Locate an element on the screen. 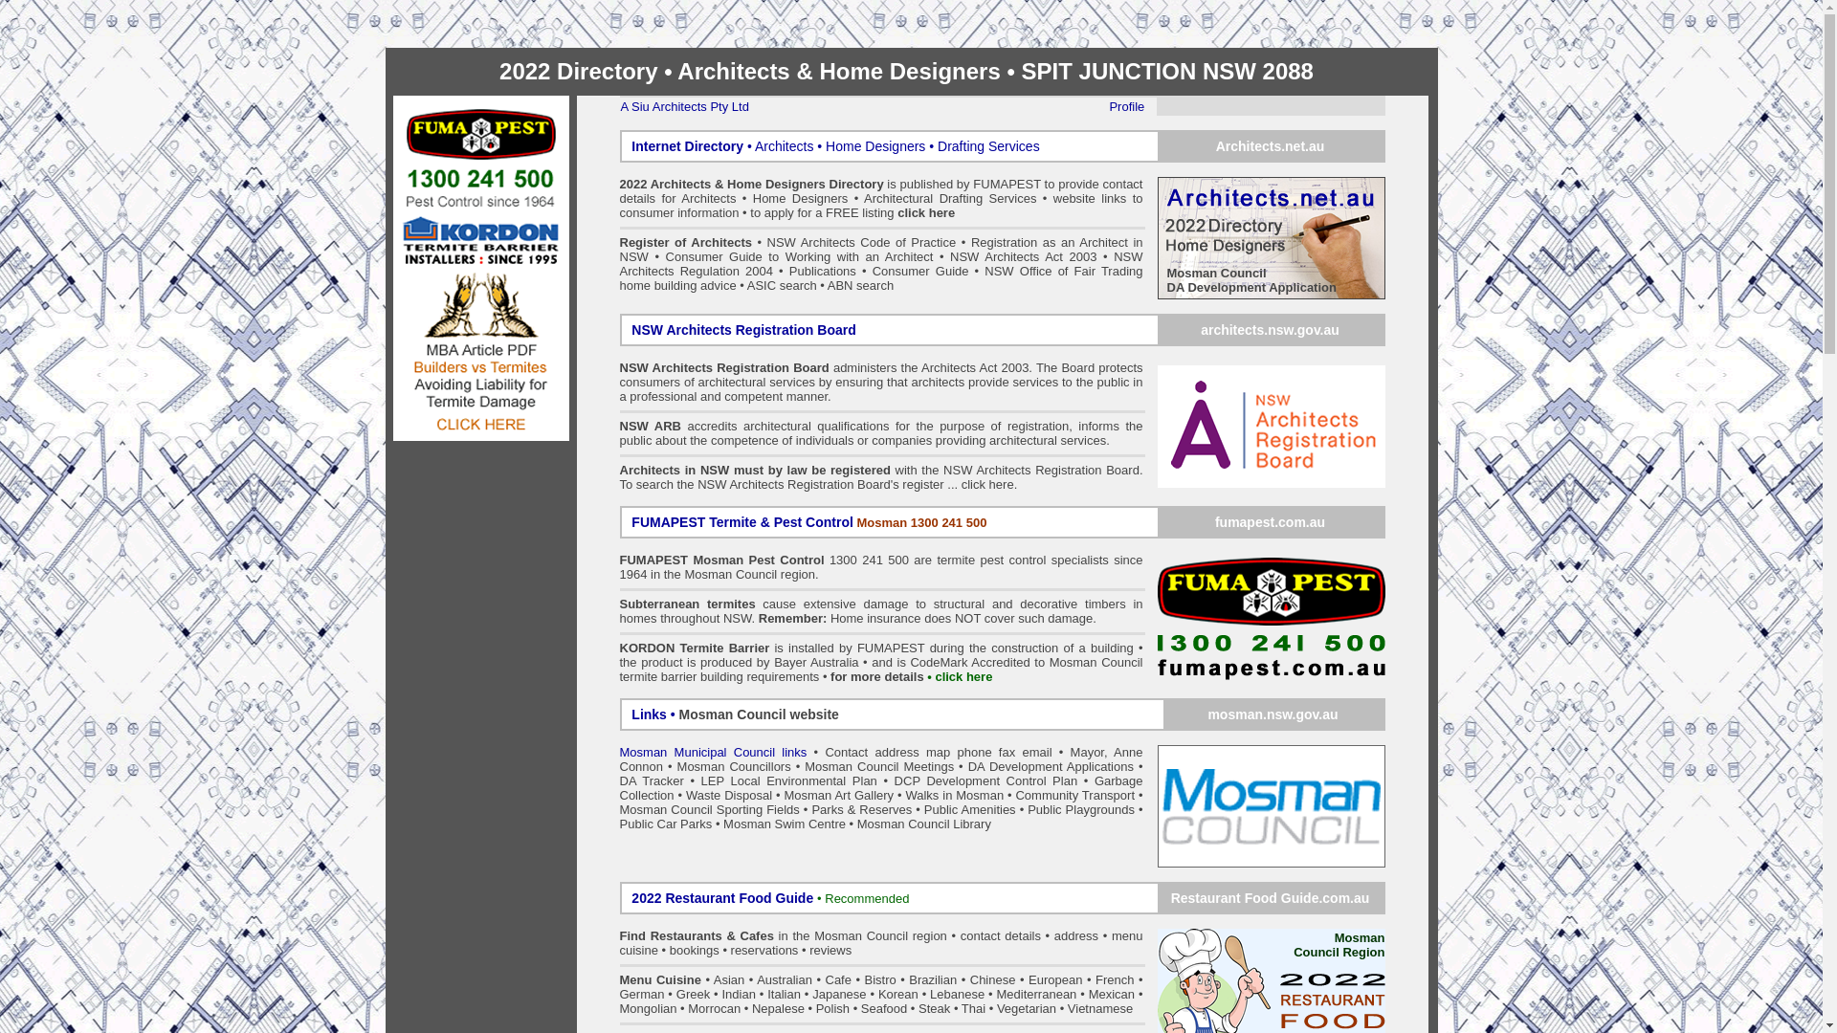  'Public Playgrounds' is located at coordinates (1080, 809).